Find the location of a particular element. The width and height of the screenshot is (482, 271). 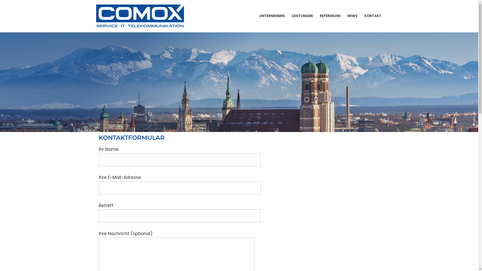

'NEWS' is located at coordinates (352, 16).